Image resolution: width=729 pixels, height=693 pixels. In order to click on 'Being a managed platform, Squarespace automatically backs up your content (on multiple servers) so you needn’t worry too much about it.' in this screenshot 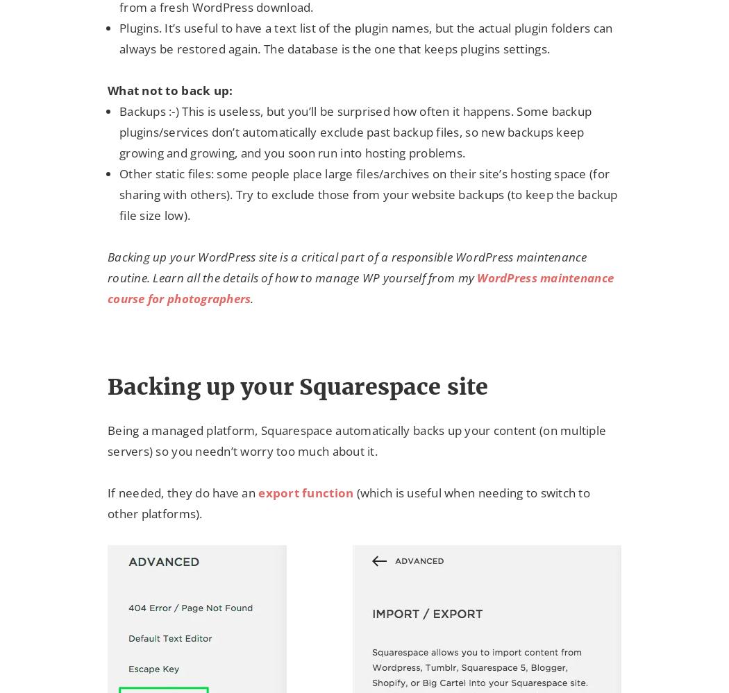, I will do `click(355, 439)`.